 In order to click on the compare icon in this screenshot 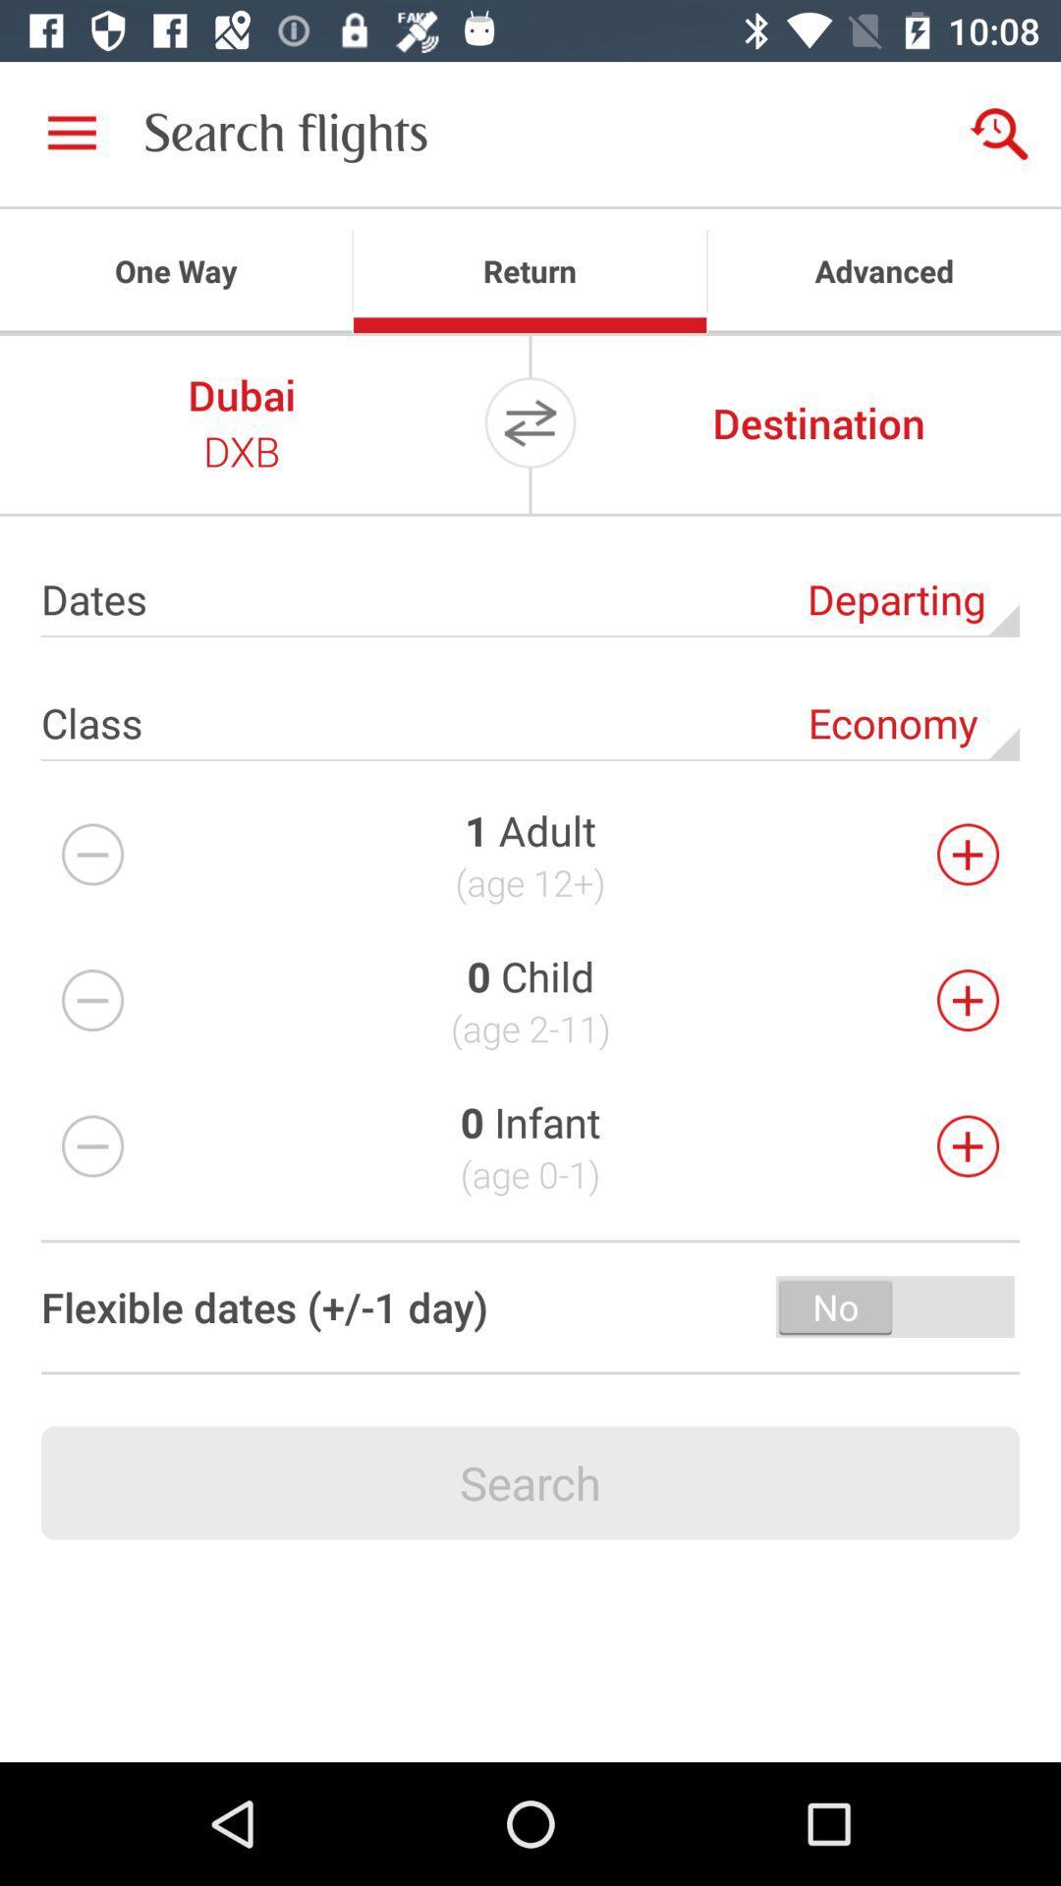, I will do `click(530, 421)`.